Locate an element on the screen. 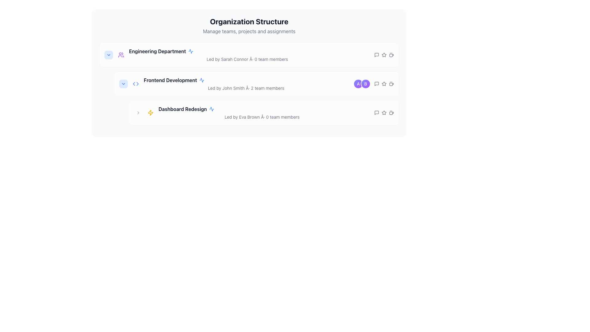  the group or team icon located to the left of the 'Engineering Department' label is located at coordinates (121, 54).